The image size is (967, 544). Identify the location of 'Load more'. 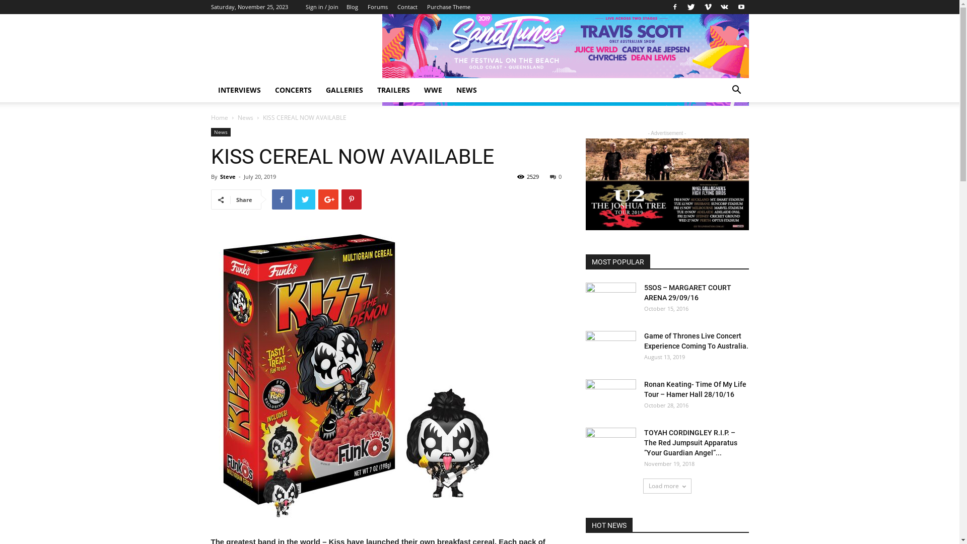
(667, 485).